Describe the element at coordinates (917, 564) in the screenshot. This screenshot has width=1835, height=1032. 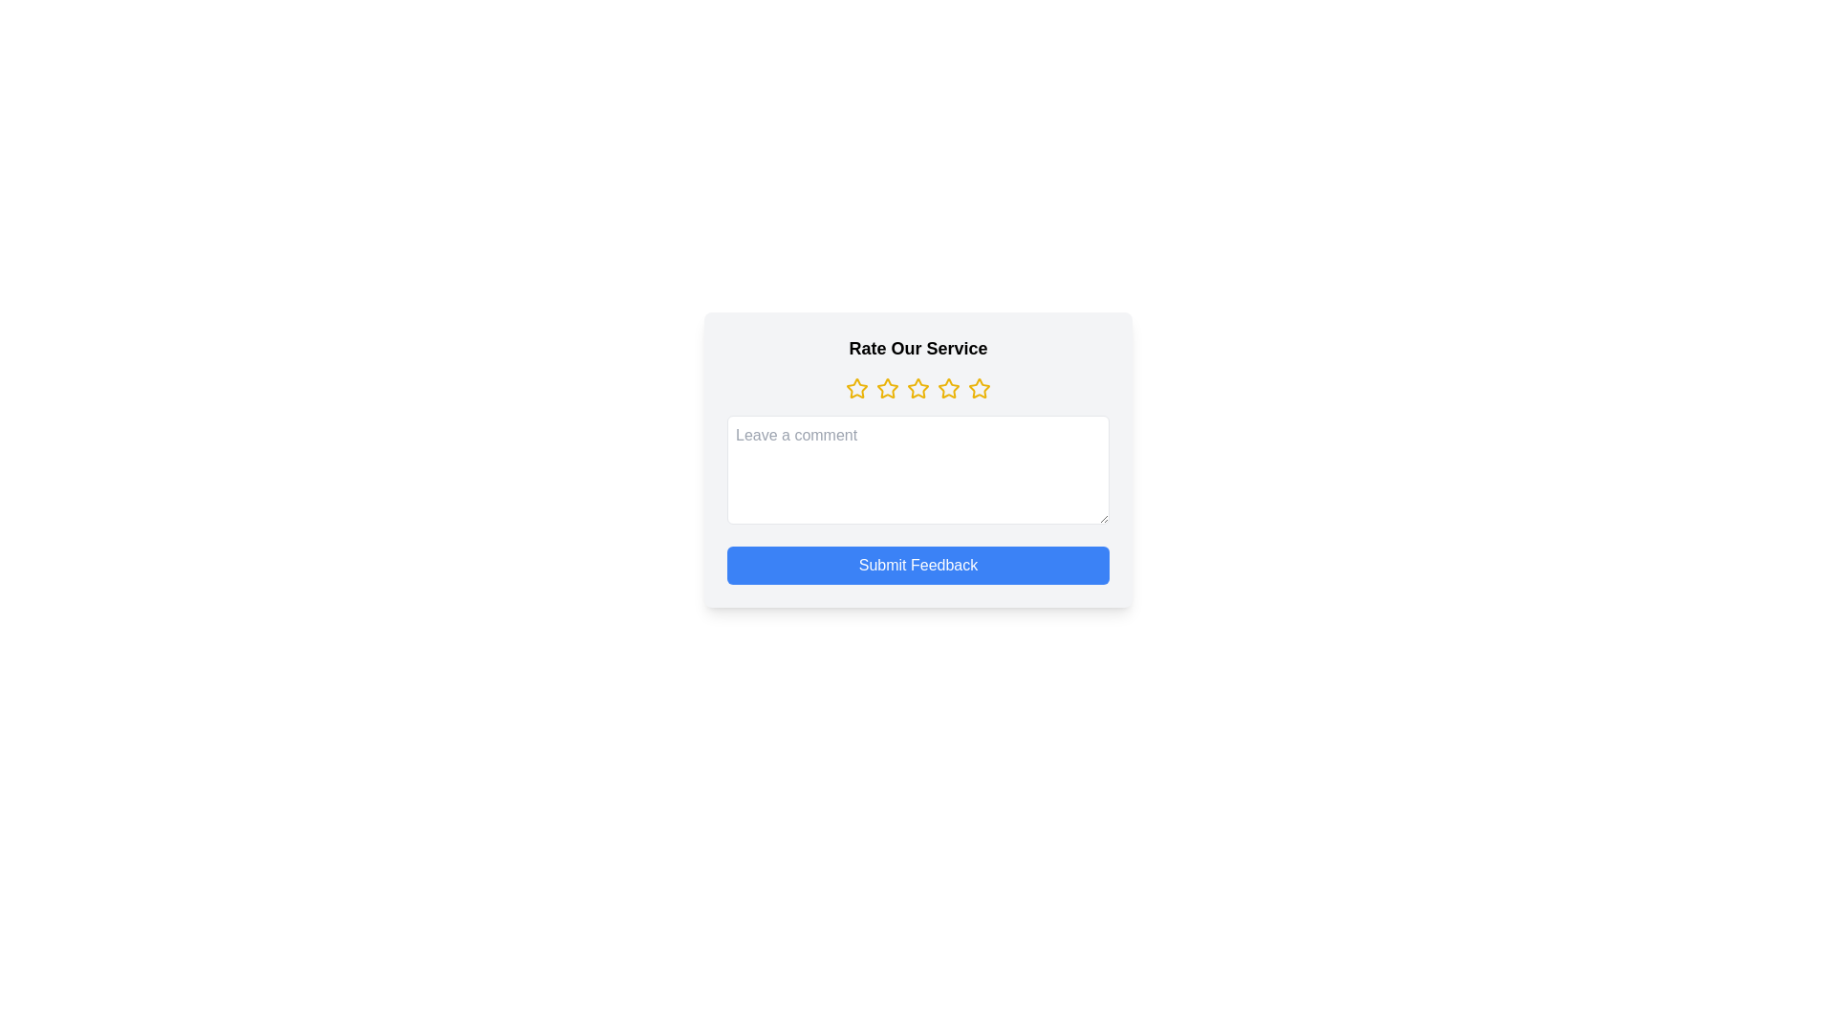
I see `the blue 'Submit Feedback' button with rounded corners` at that location.